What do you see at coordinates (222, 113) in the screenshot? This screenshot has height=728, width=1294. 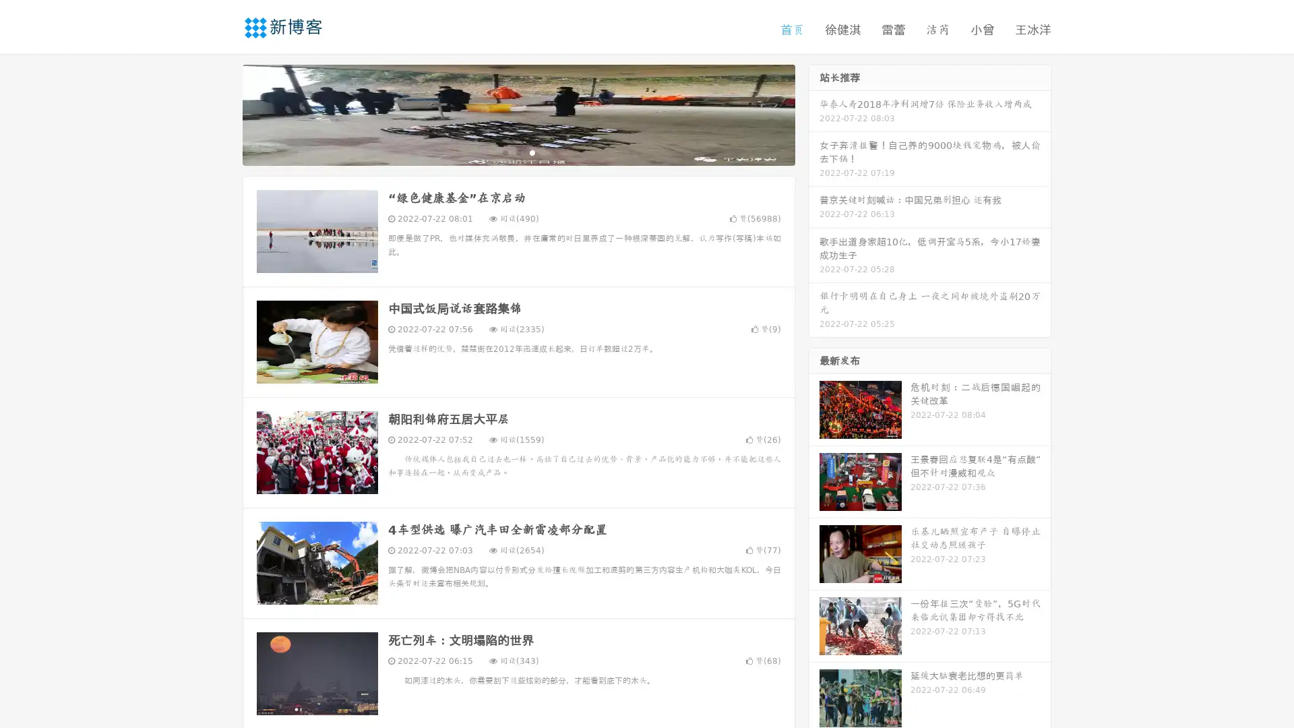 I see `Previous slide` at bounding box center [222, 113].